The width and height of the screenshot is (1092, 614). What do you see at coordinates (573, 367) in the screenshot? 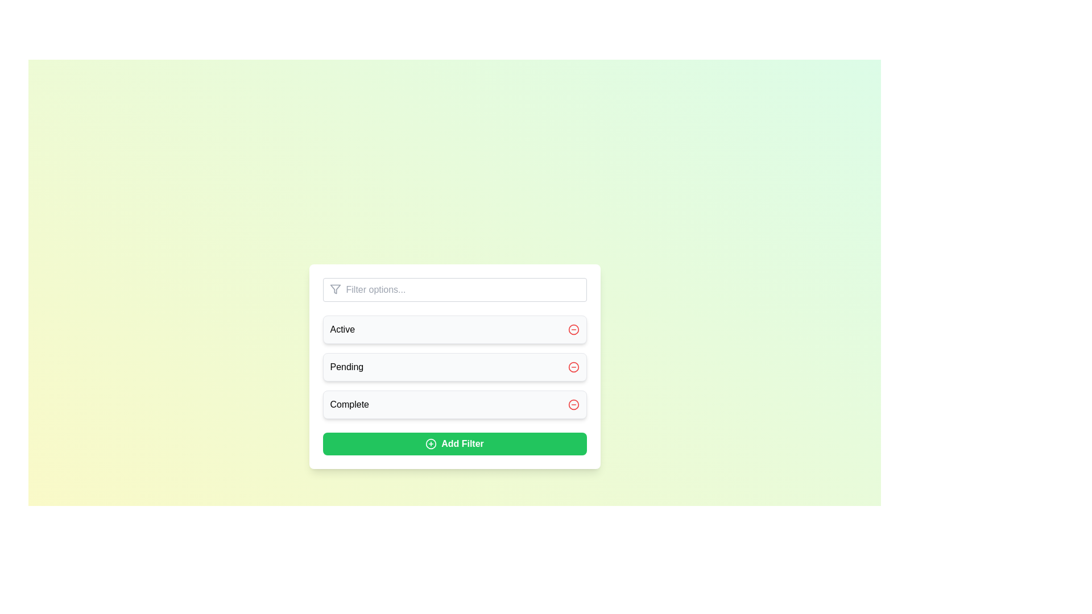
I see `the interactive action button located to the right of the 'Pending' text in the vertically stacked list of items, which is the second item in the list` at bounding box center [573, 367].